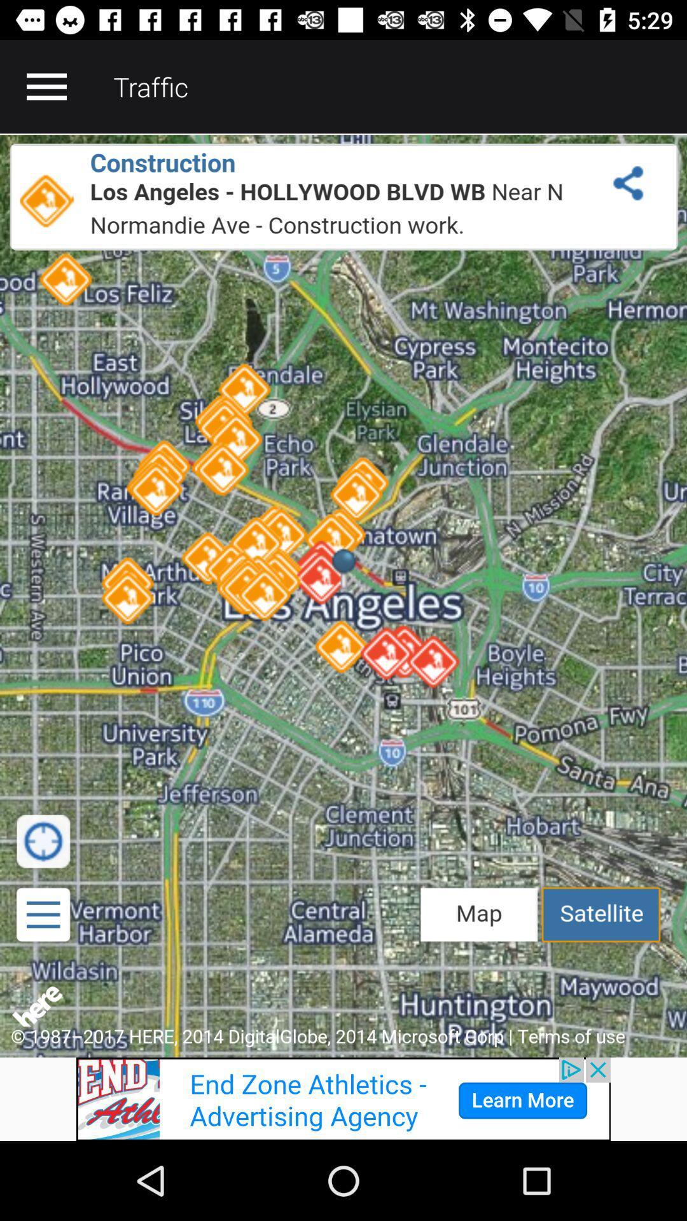  What do you see at coordinates (46, 86) in the screenshot?
I see `open menu` at bounding box center [46, 86].